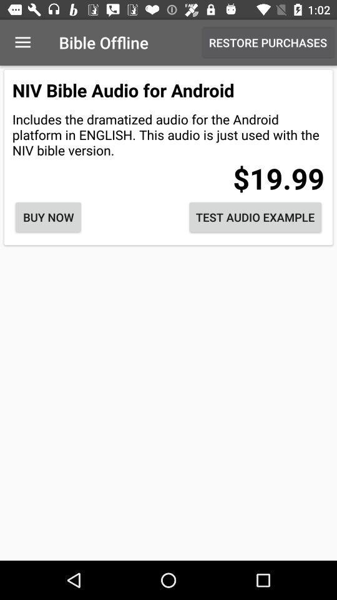 The width and height of the screenshot is (337, 600). I want to click on item below includes the dramatized, so click(47, 217).